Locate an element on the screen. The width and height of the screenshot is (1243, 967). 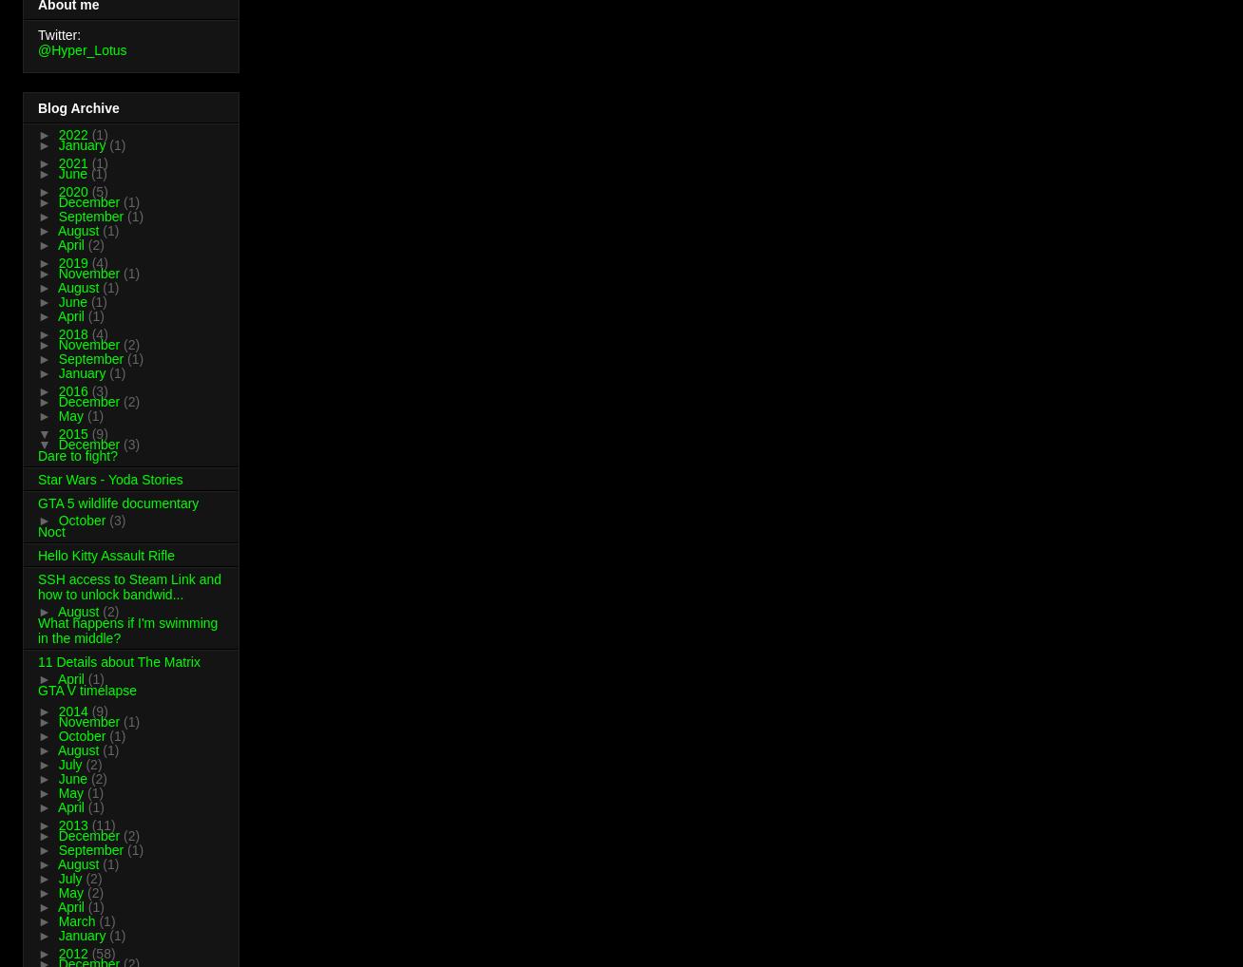
'2013' is located at coordinates (74, 825).